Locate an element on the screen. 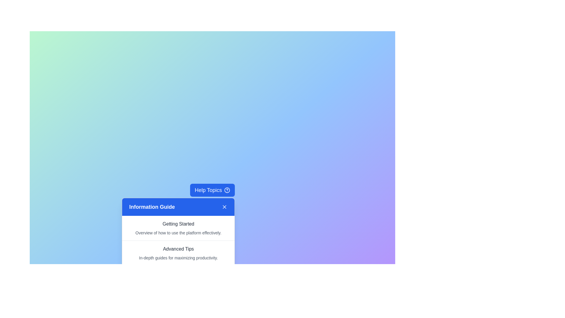  text from the informational section titled 'Getting Started', which is the first item under the 'Information Guide' header is located at coordinates (178, 228).